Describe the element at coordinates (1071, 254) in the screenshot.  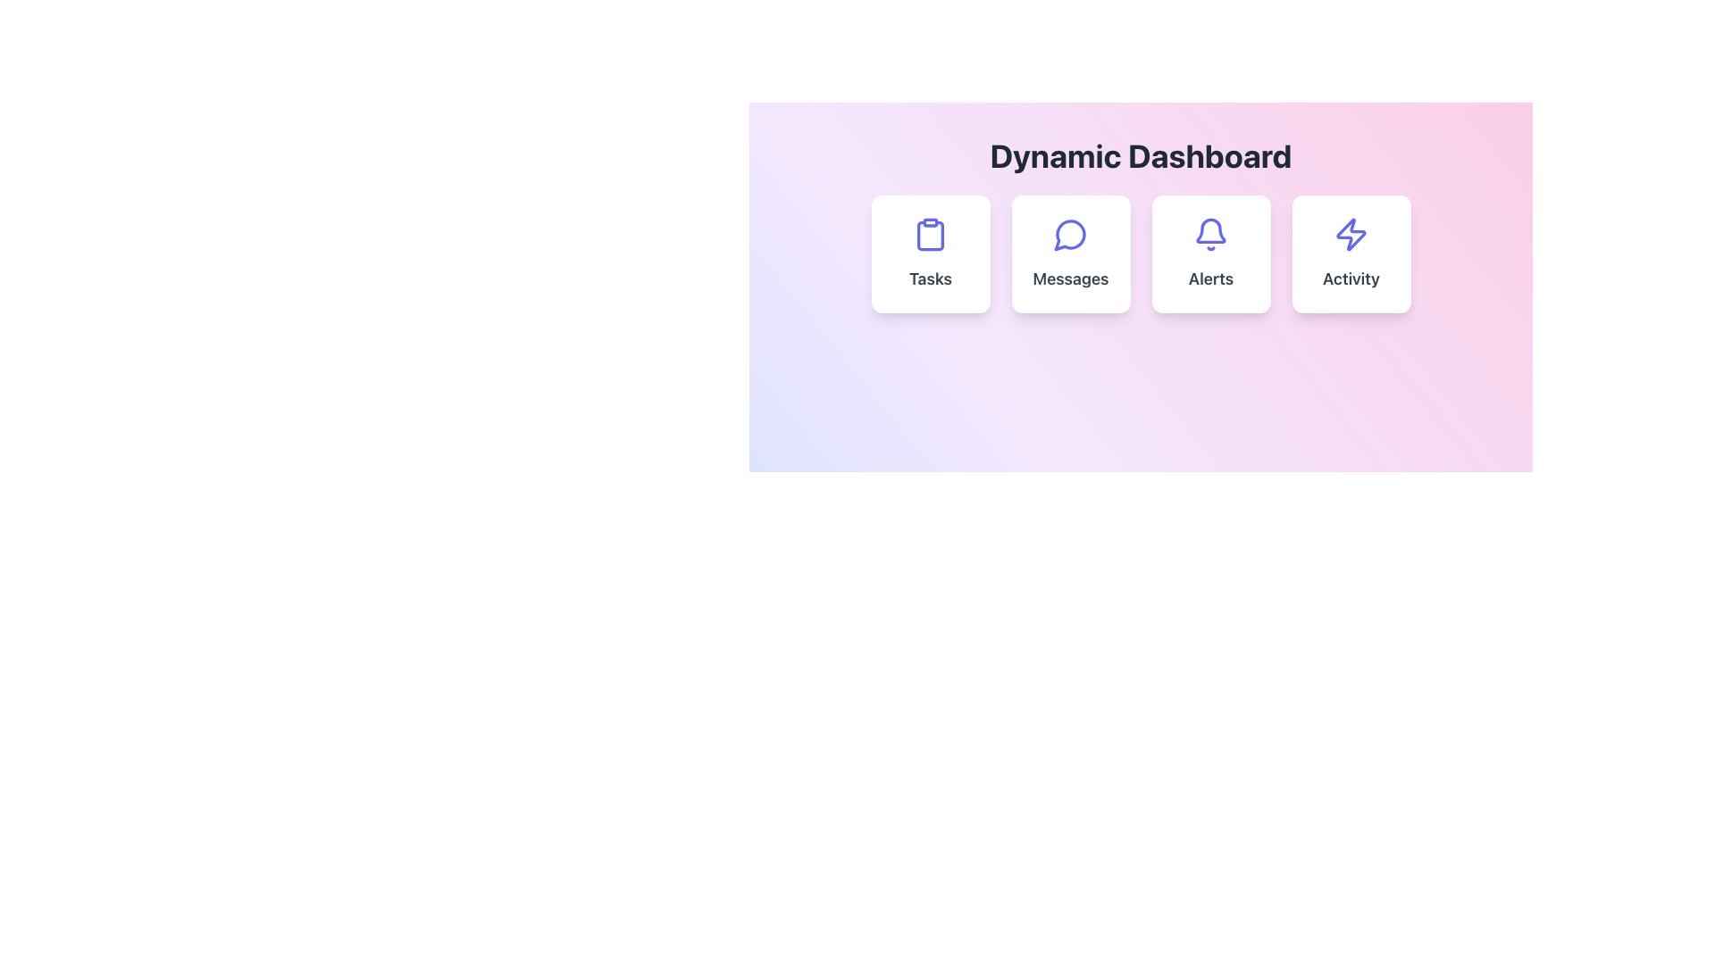
I see `the 'Messages' button, which is the second card from the left in a horizontally arranged 4-card grid` at that location.